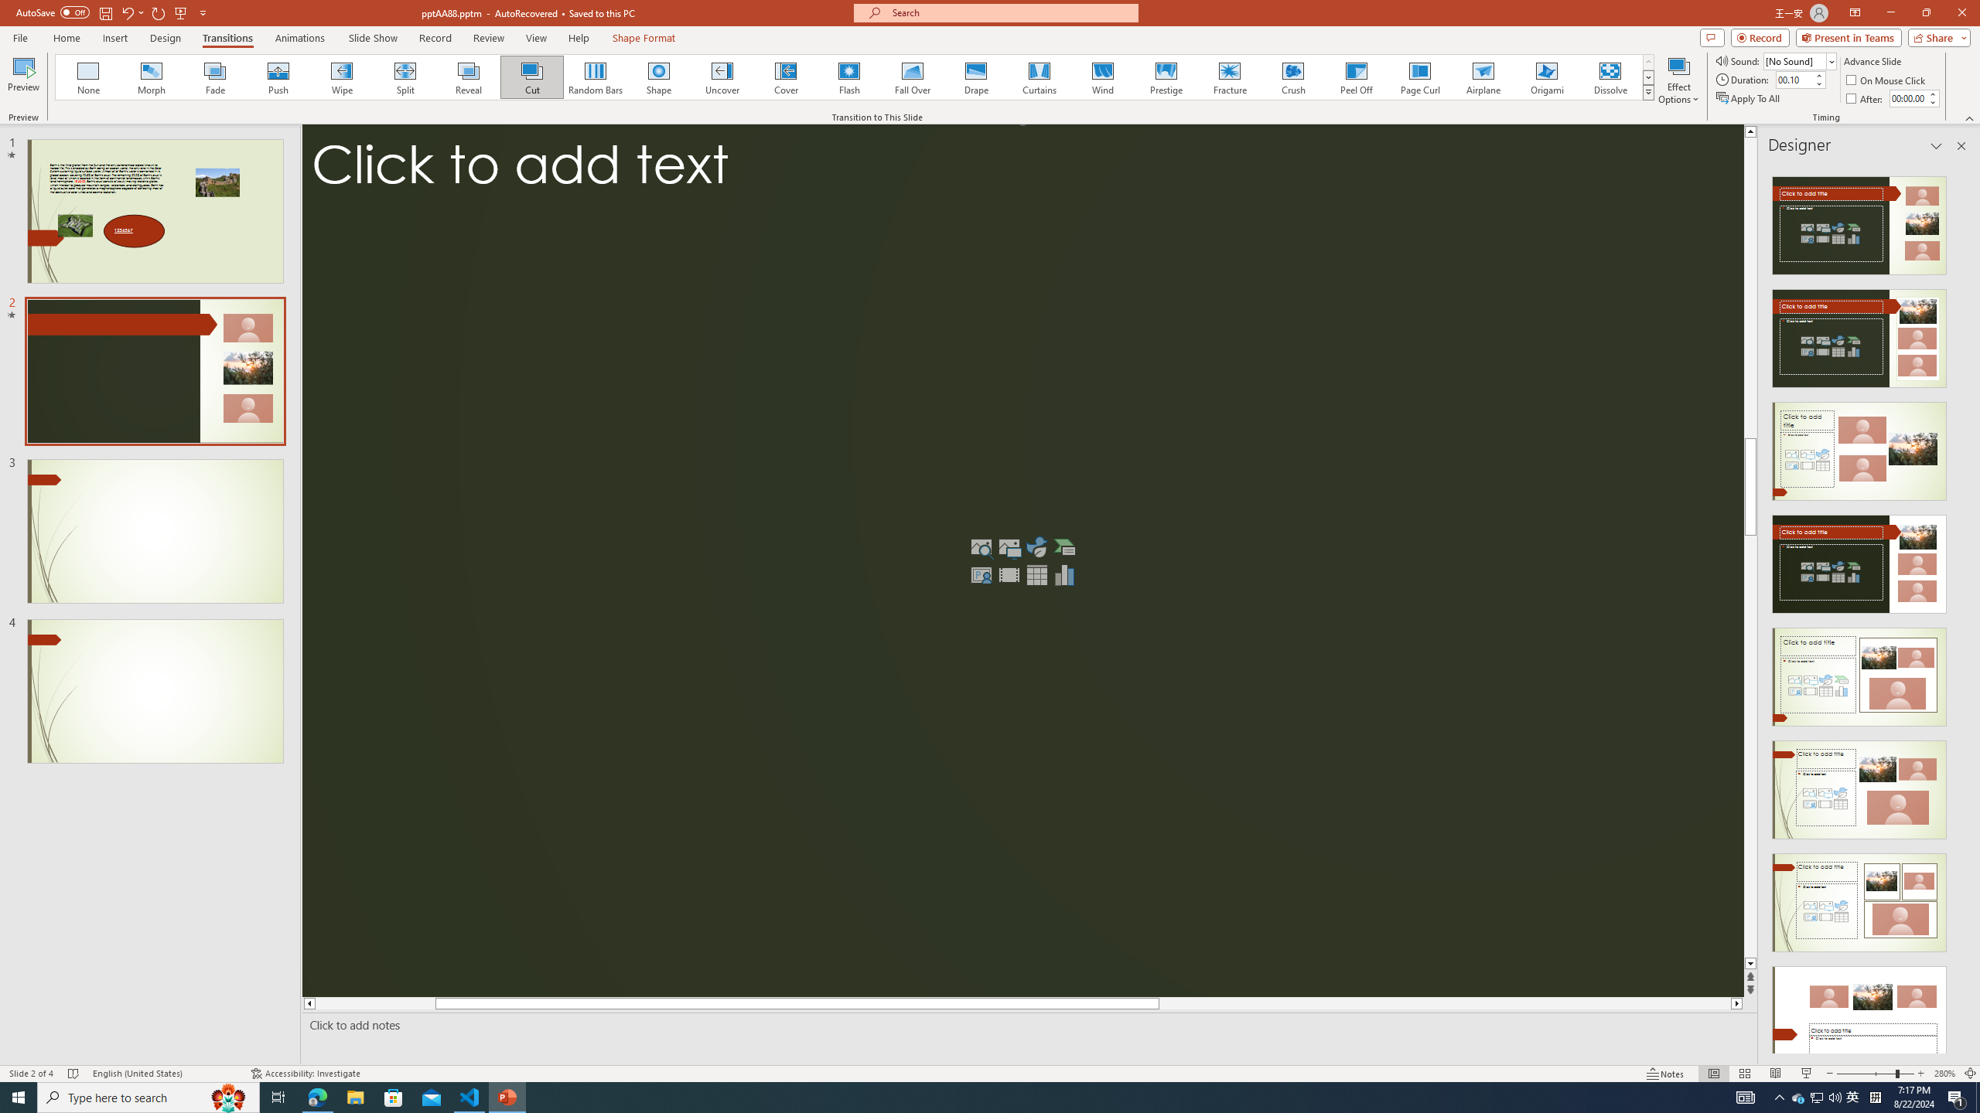  What do you see at coordinates (341, 77) in the screenshot?
I see `'Wipe'` at bounding box center [341, 77].